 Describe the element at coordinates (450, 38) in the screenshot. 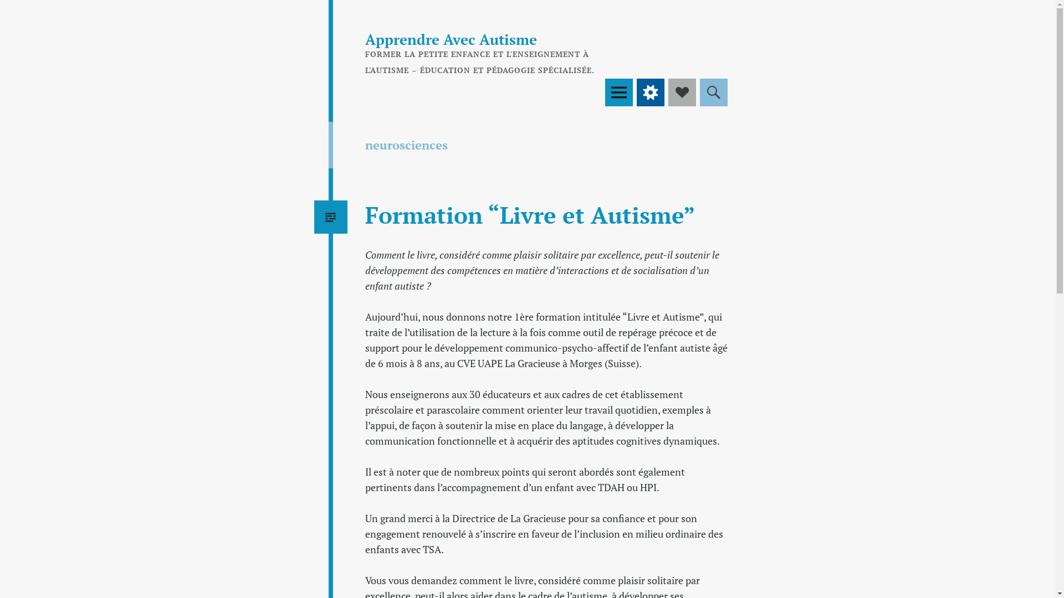

I see `'Apprendre Avec Autisme'` at that location.